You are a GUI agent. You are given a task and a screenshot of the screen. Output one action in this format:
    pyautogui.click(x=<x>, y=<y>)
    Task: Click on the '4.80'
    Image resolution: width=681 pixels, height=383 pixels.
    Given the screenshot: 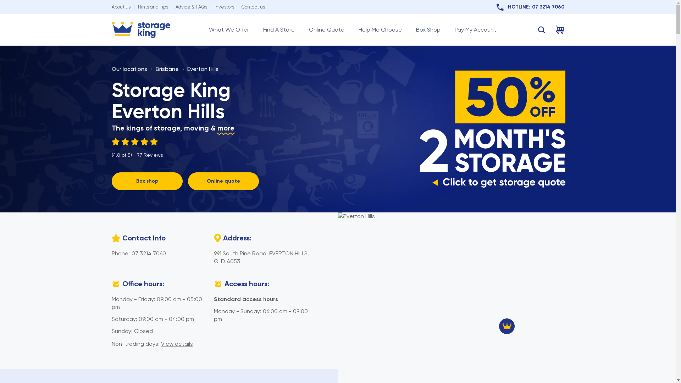 What is the action you would take?
    pyautogui.click(x=110, y=142)
    